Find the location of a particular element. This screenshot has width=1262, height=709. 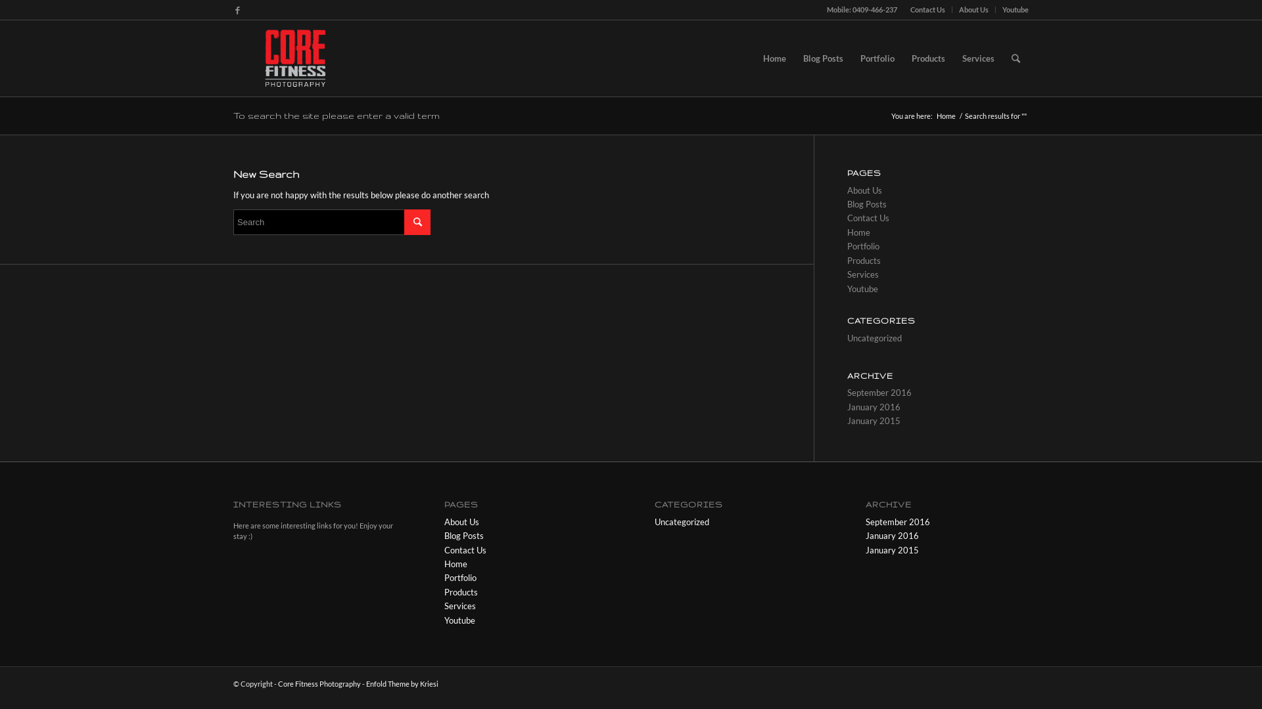

'January 2016' is located at coordinates (892, 536).